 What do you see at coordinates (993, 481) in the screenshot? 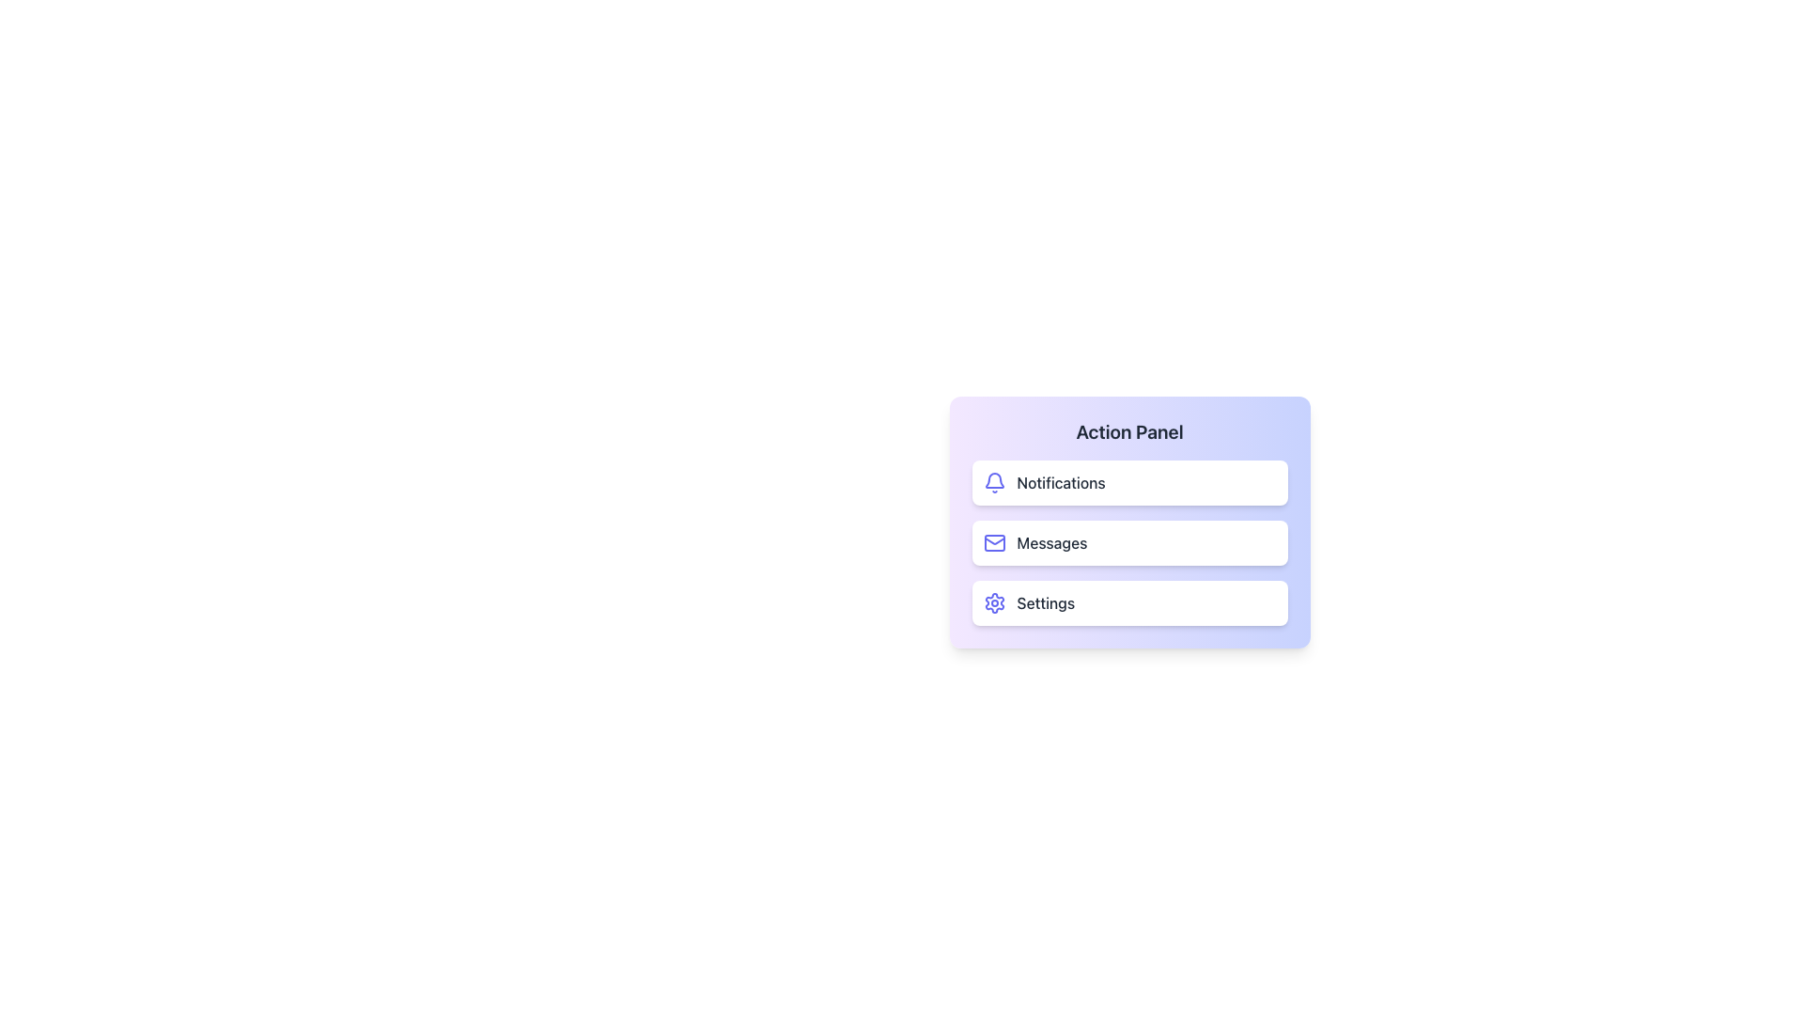
I see `the solid indigo bell-shaped icon representing notifications, located to the left of the 'Notifications' text` at bounding box center [993, 481].